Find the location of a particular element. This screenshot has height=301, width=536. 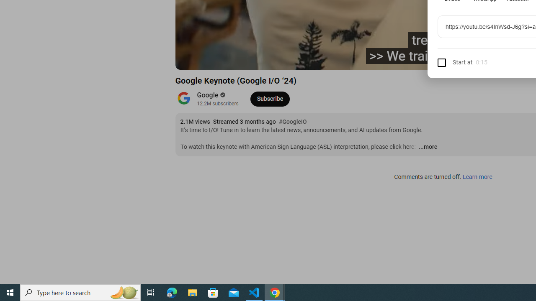

'Verified' is located at coordinates (222, 94).